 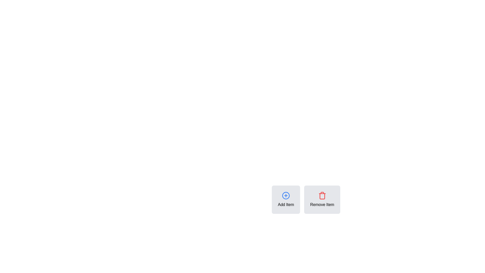 I want to click on the 'Delete' icon within the 'Remove Item' button group, so click(x=322, y=195).